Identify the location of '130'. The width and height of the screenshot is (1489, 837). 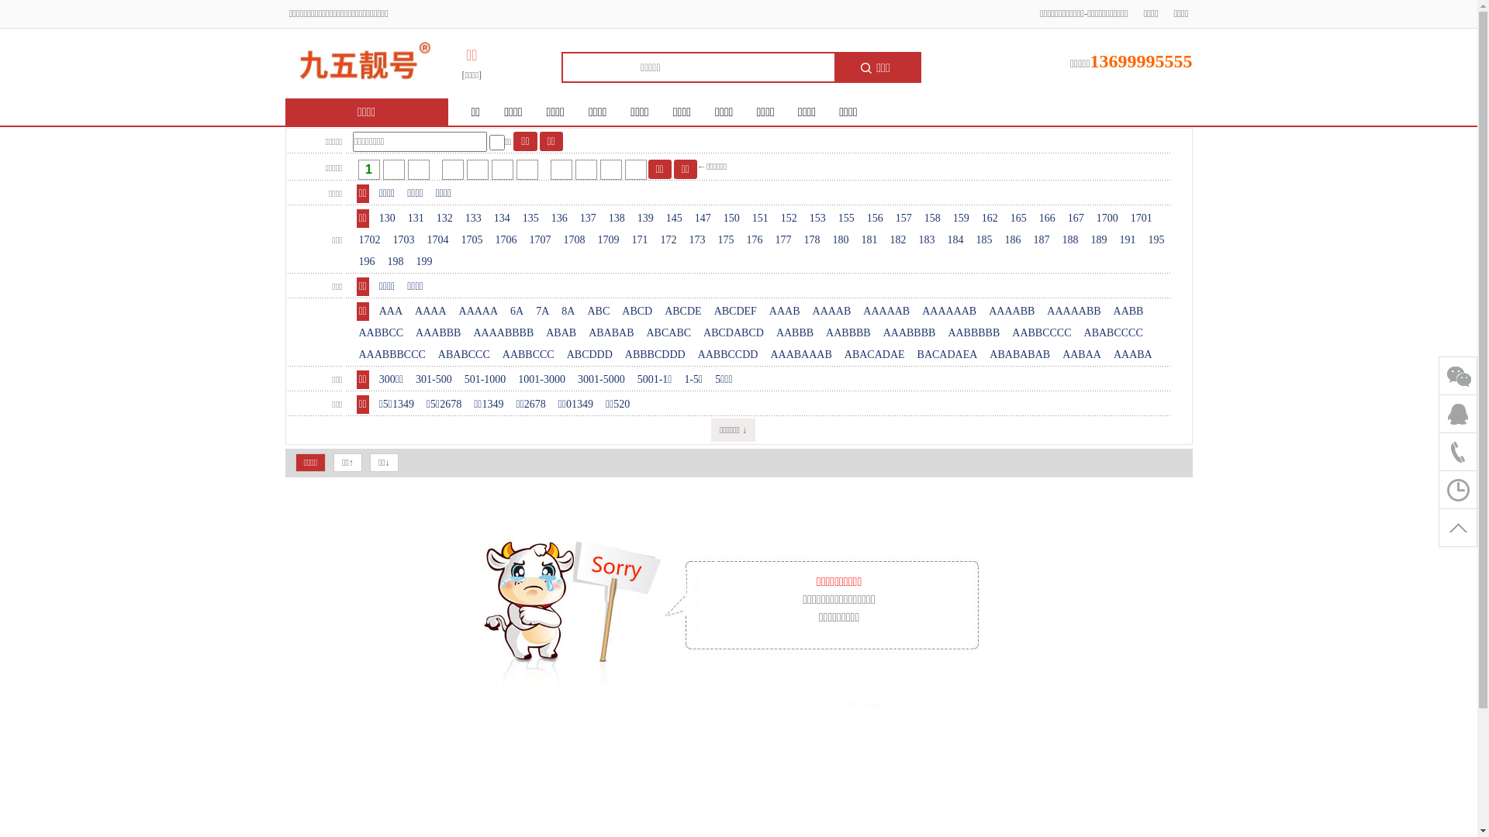
(387, 218).